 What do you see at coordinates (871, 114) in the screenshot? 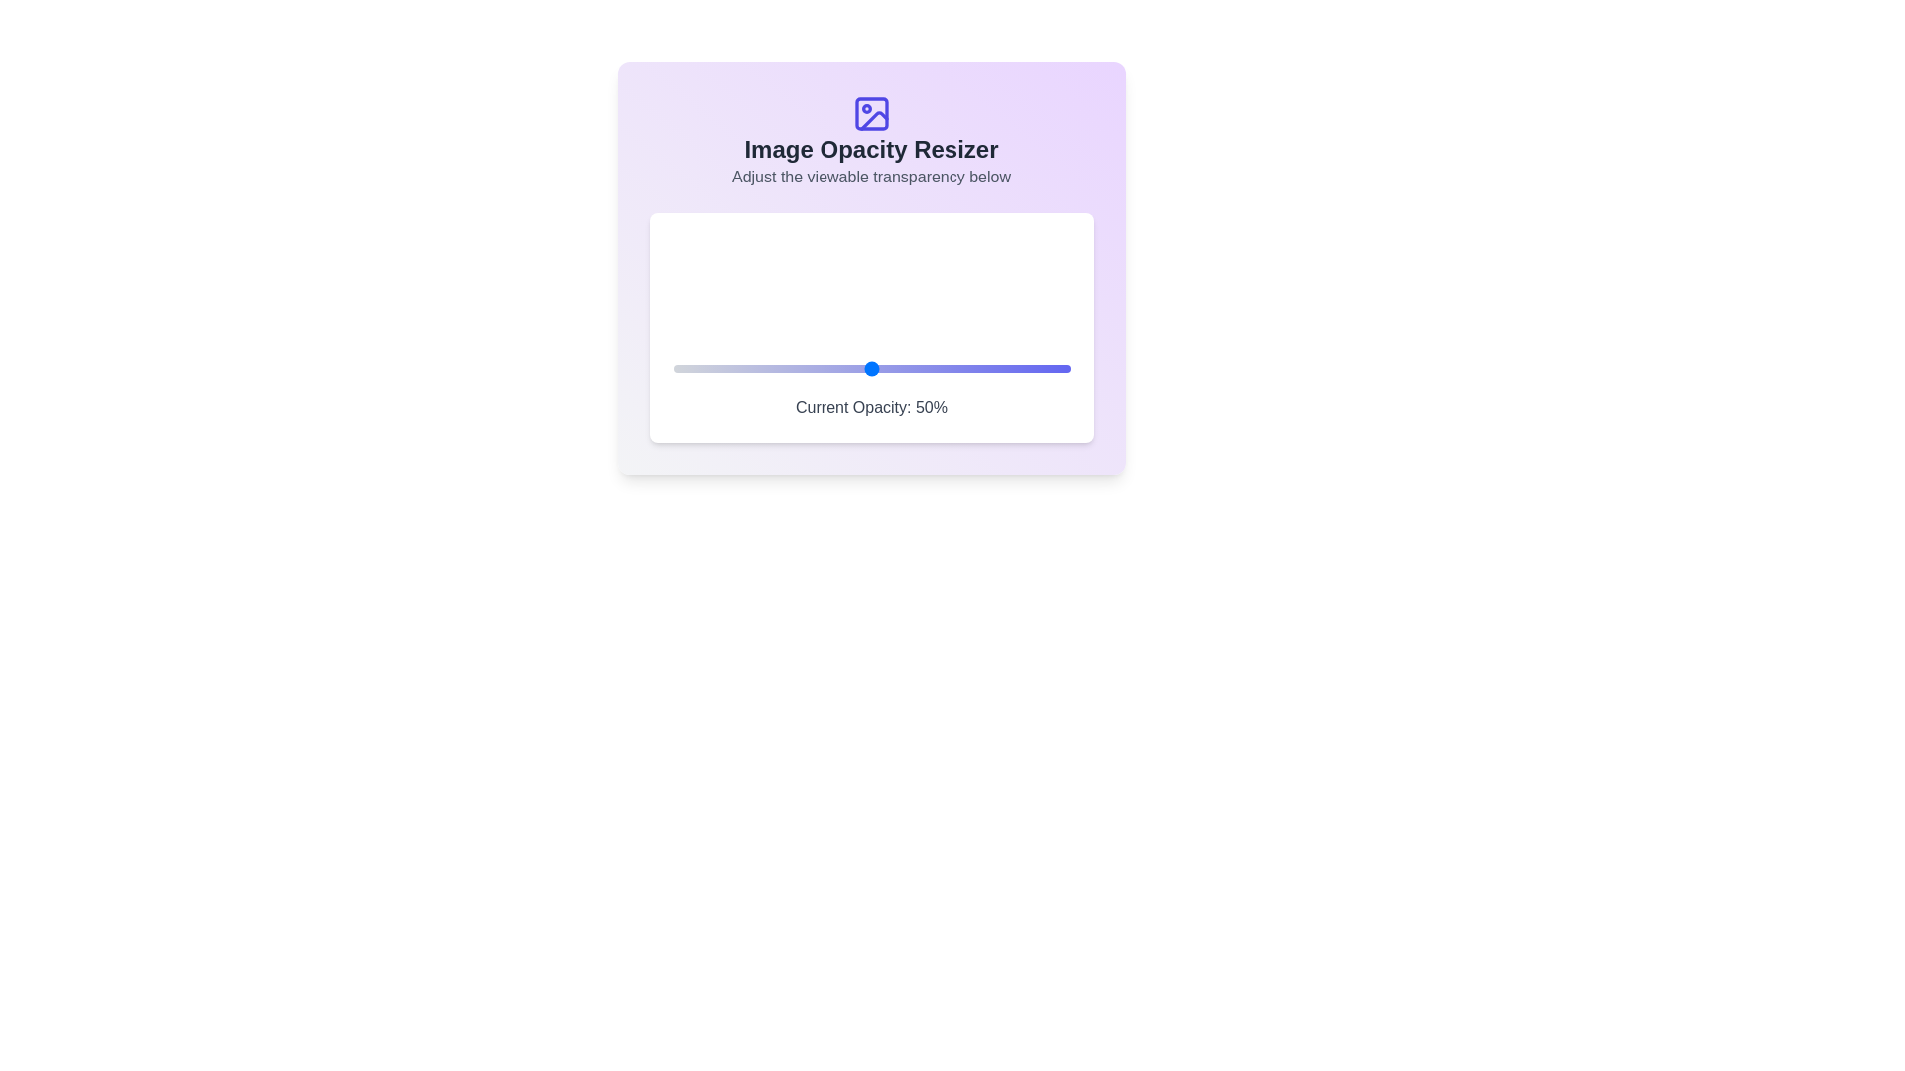
I see `the header icon of the Image Opacity Resizer component` at bounding box center [871, 114].